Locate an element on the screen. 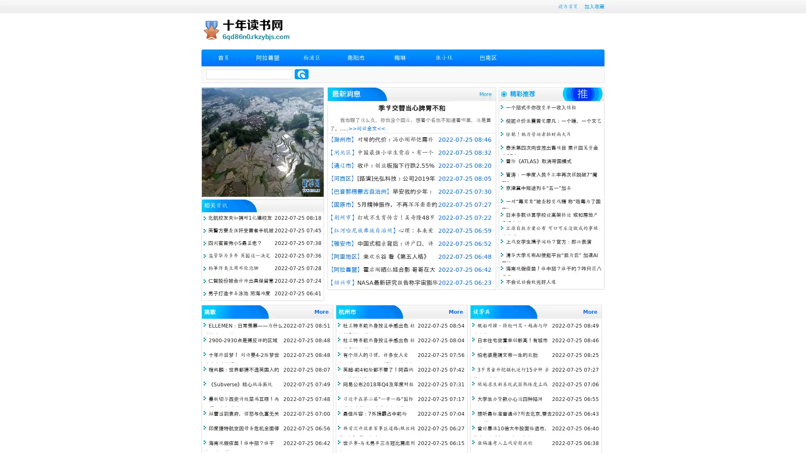 This screenshot has height=453, width=806. Search is located at coordinates (301, 74).